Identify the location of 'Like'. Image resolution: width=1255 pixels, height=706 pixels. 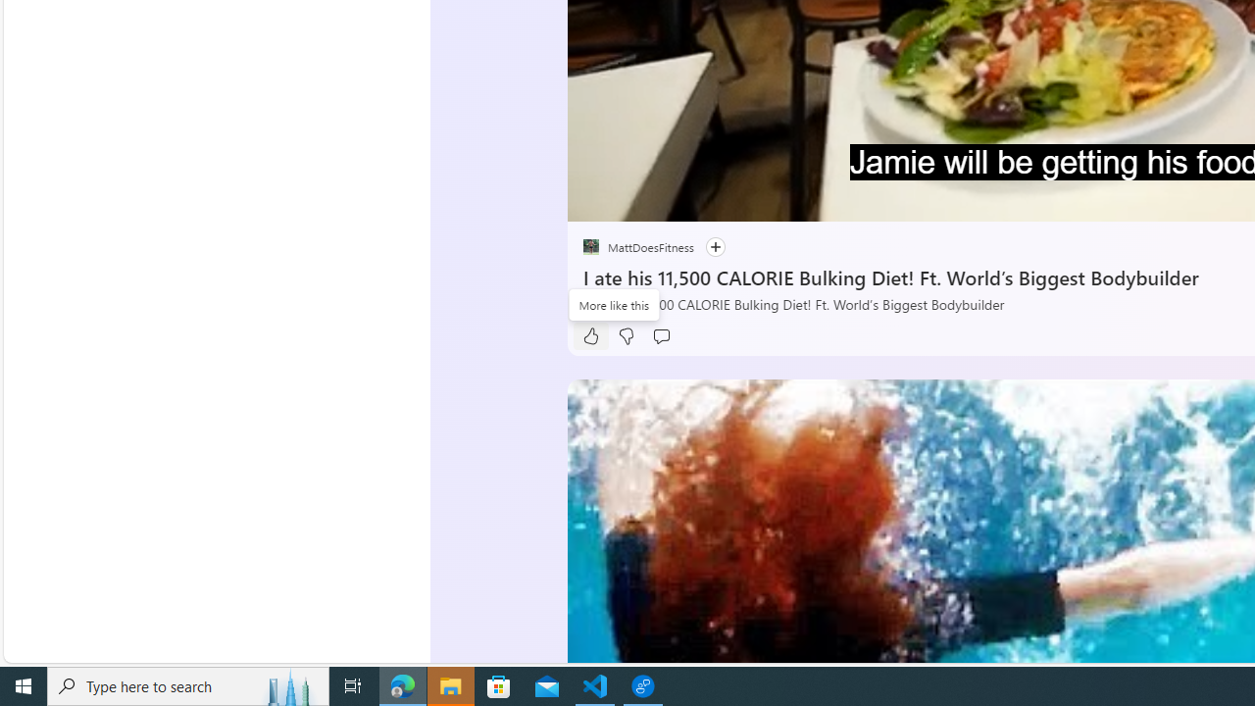
(589, 335).